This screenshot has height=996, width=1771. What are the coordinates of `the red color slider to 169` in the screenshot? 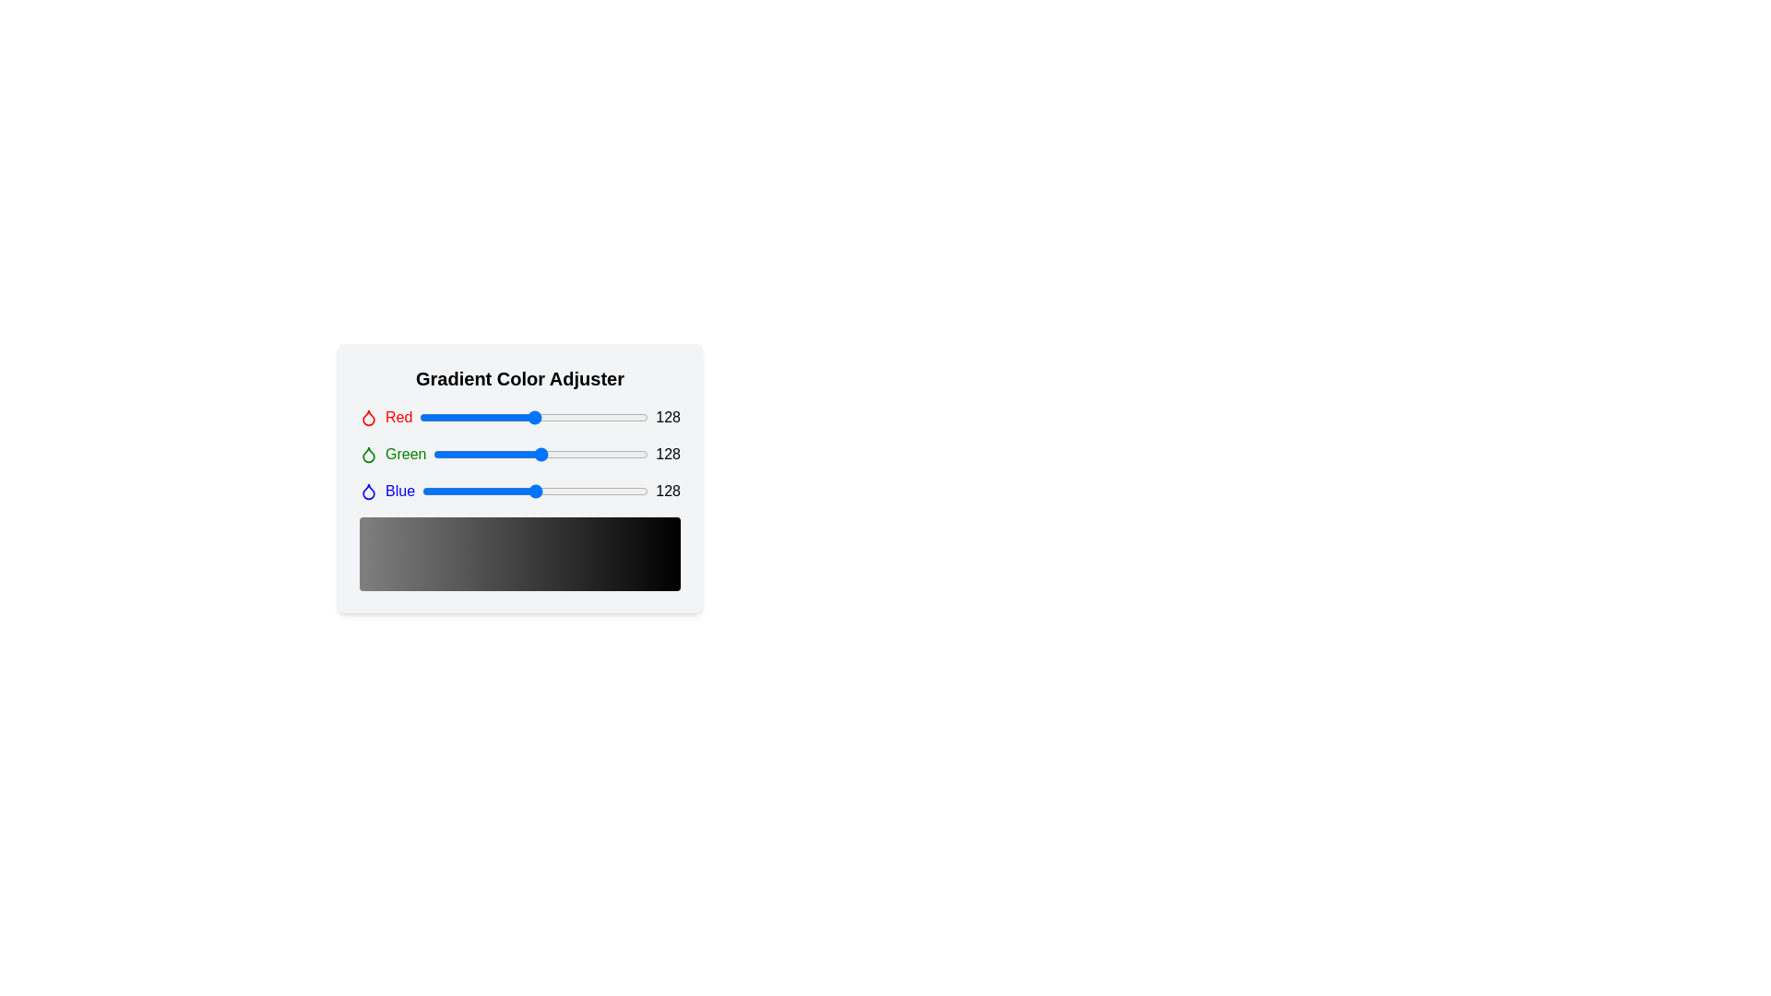 It's located at (570, 417).